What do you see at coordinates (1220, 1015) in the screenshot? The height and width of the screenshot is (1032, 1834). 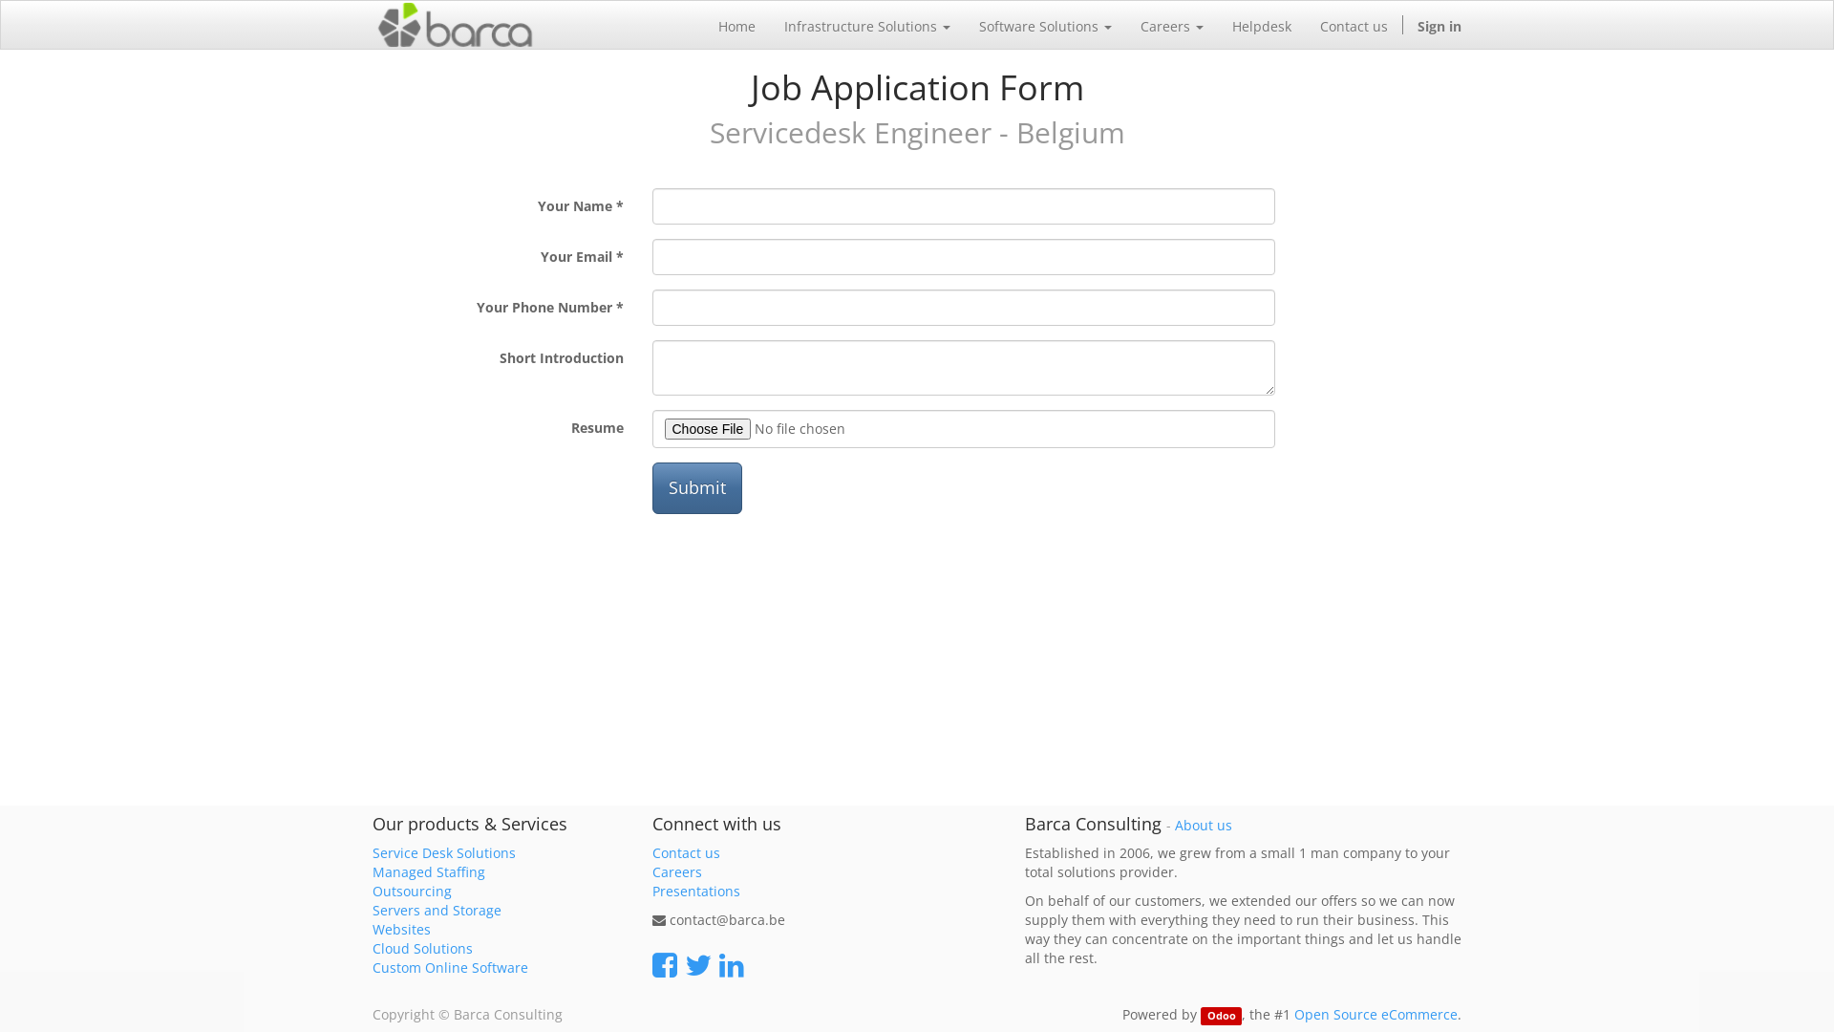 I see `'Odoo'` at bounding box center [1220, 1015].